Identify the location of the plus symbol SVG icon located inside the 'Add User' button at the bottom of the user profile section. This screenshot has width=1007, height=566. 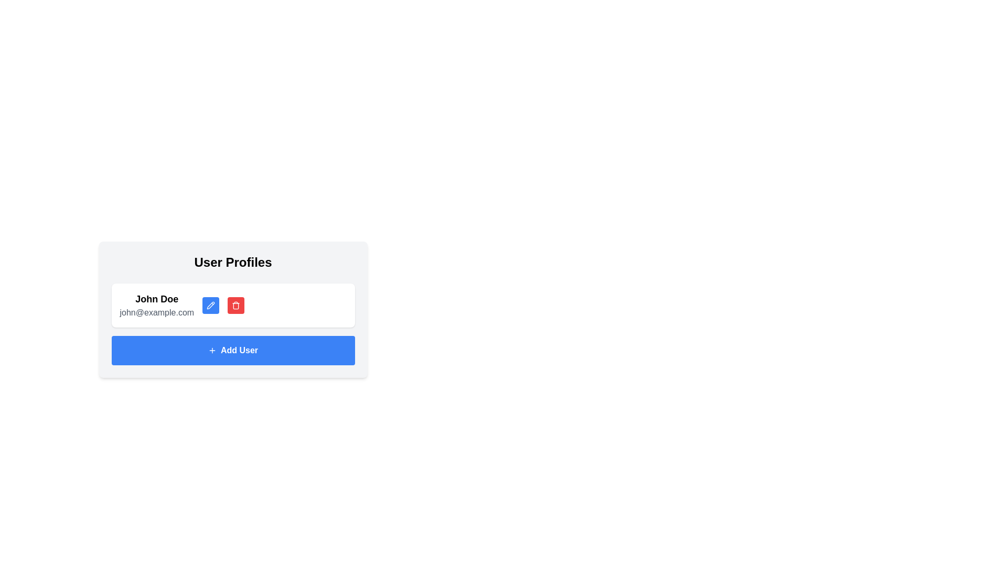
(211, 350).